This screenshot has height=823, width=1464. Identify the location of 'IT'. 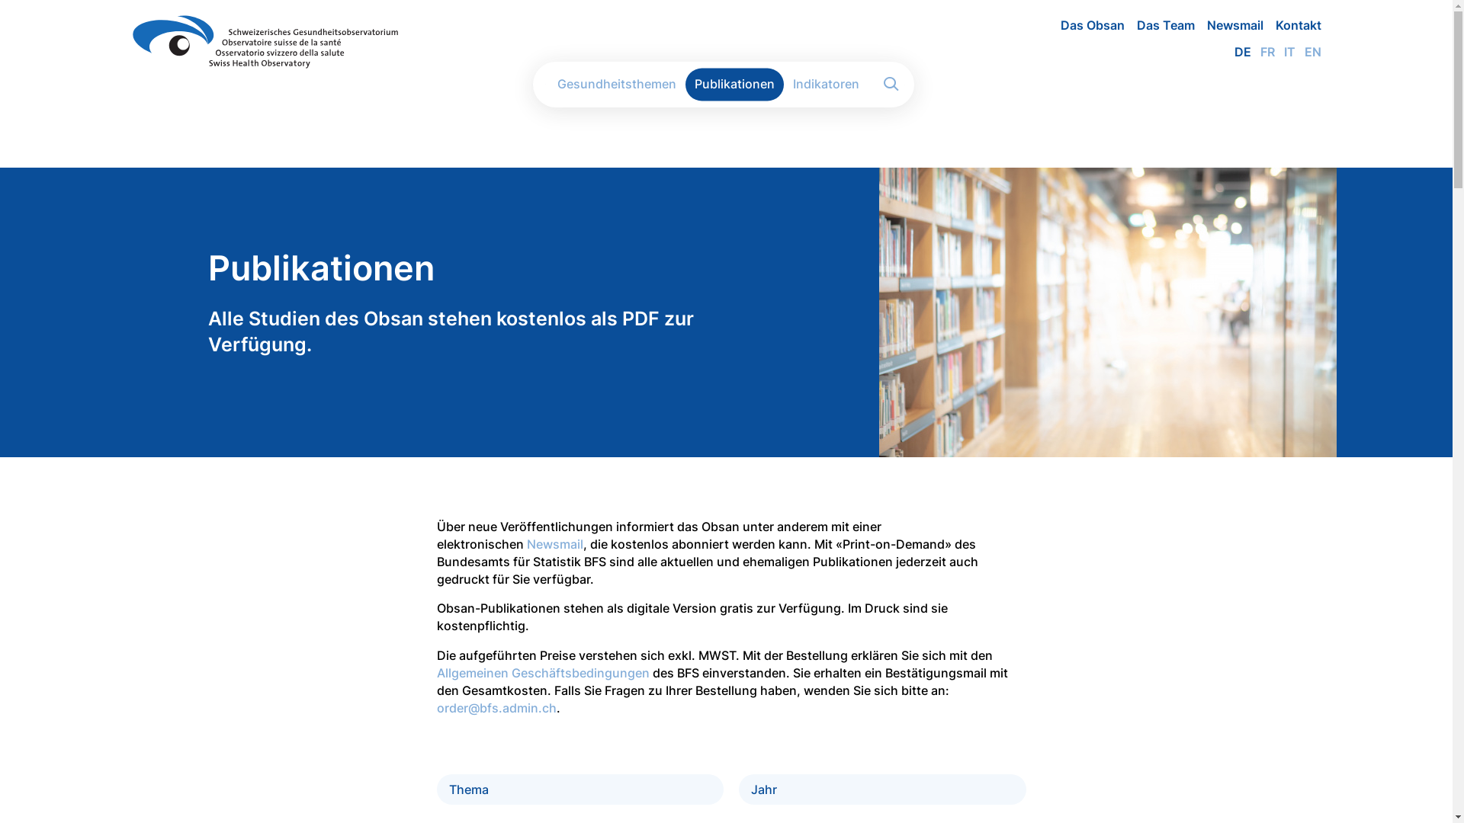
(1284, 51).